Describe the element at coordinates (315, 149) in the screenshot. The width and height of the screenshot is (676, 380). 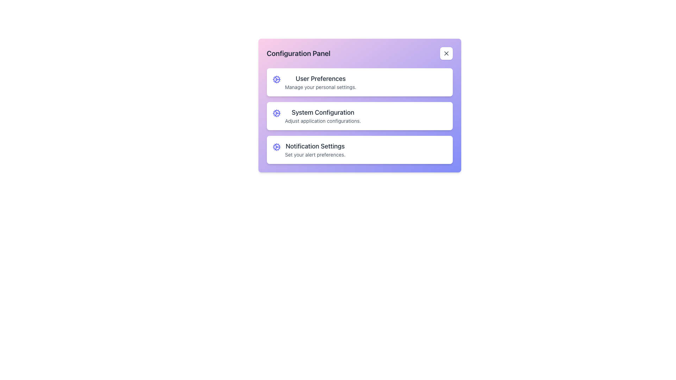
I see `text of the 'Notification Settings' label, which includes the bold title and the descriptive subtext beneath it` at that location.